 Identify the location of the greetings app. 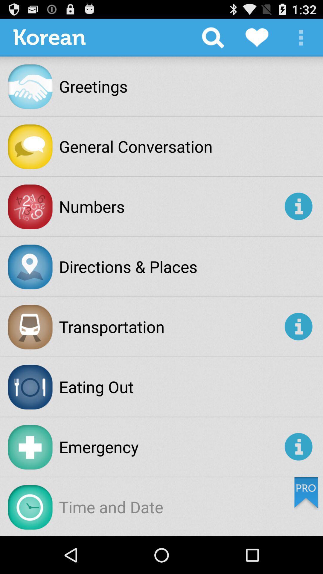
(93, 86).